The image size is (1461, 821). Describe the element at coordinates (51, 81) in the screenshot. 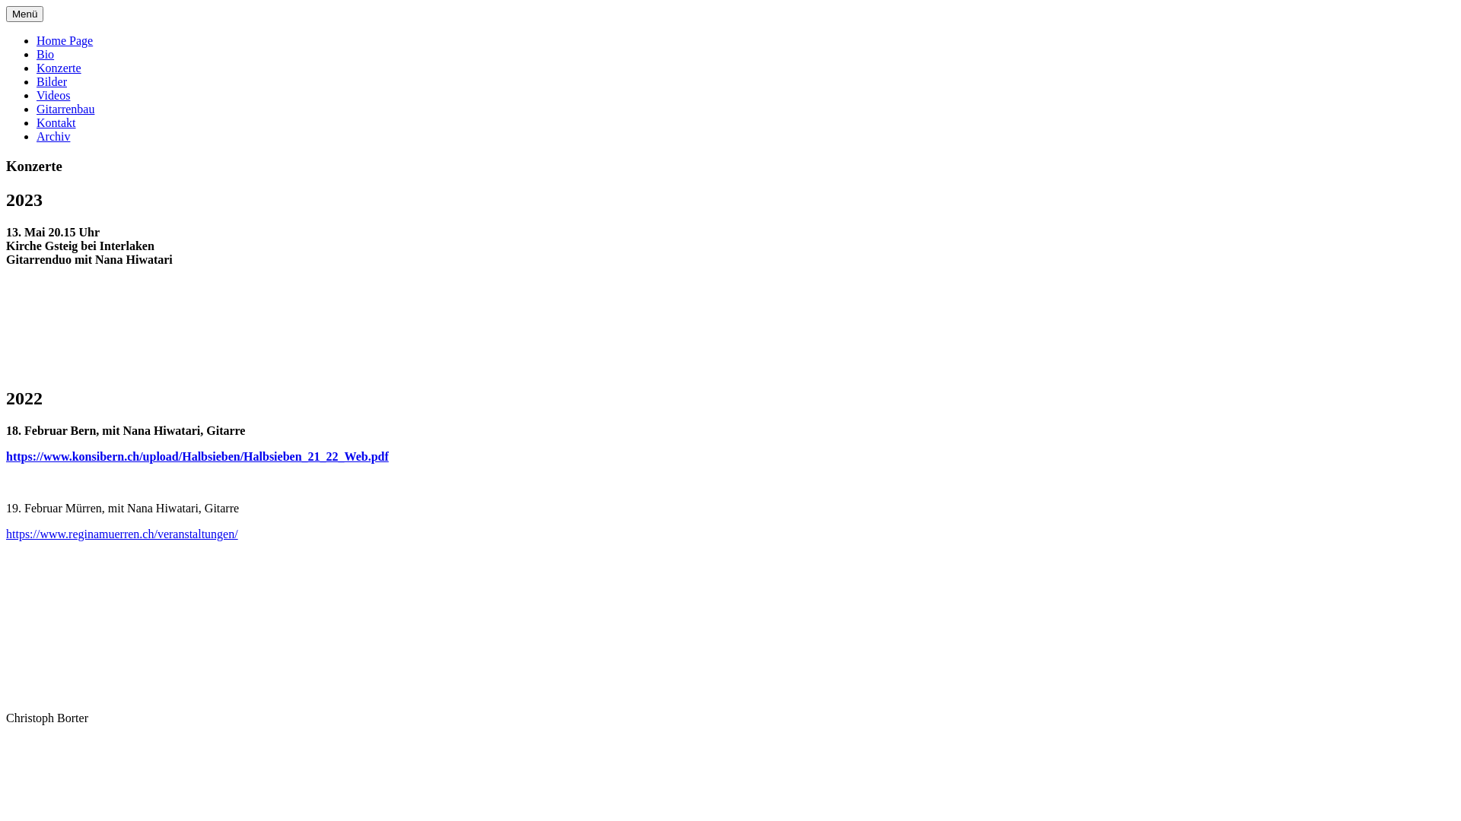

I see `'Bilder'` at that location.